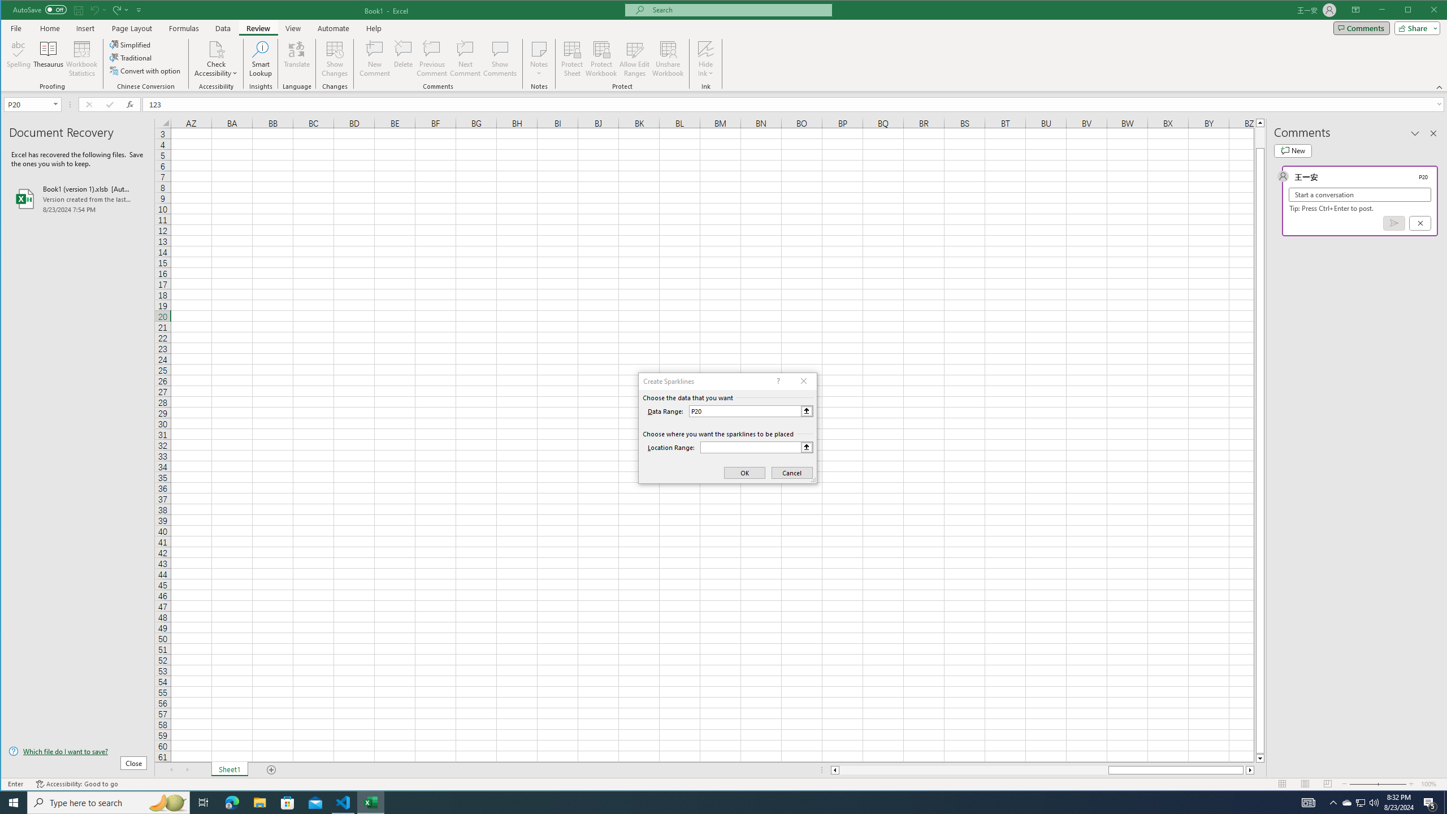 This screenshot has width=1447, height=814. Describe the element at coordinates (216, 58) in the screenshot. I see `'Check Accessibility'` at that location.